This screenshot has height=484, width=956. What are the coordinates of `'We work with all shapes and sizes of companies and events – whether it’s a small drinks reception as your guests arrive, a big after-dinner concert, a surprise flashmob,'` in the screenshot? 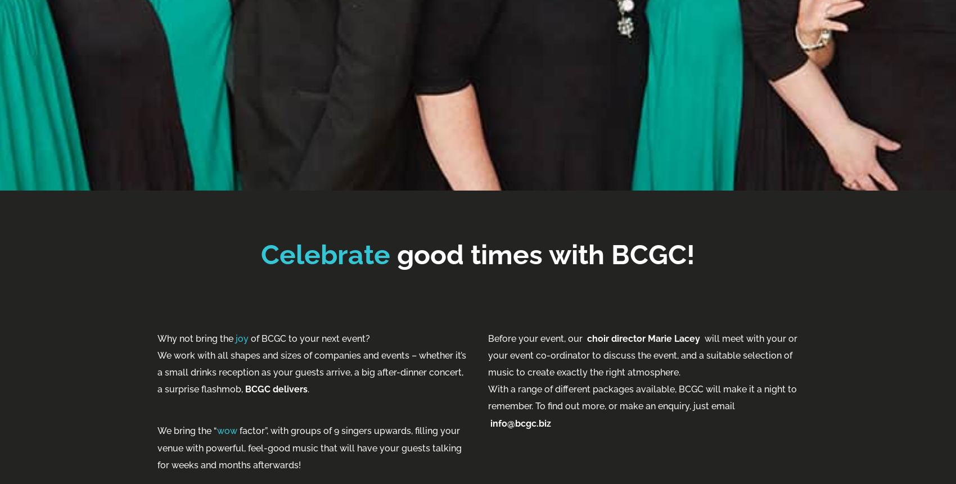 It's located at (311, 372).